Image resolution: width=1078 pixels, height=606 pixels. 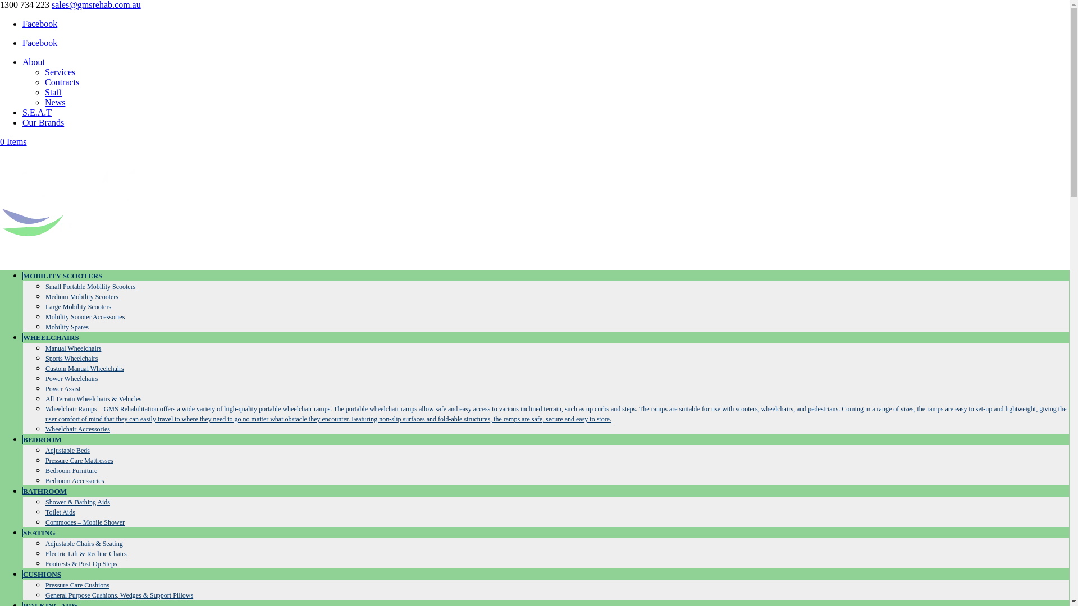 I want to click on 'WHEELCHAIRS', so click(x=22, y=337).